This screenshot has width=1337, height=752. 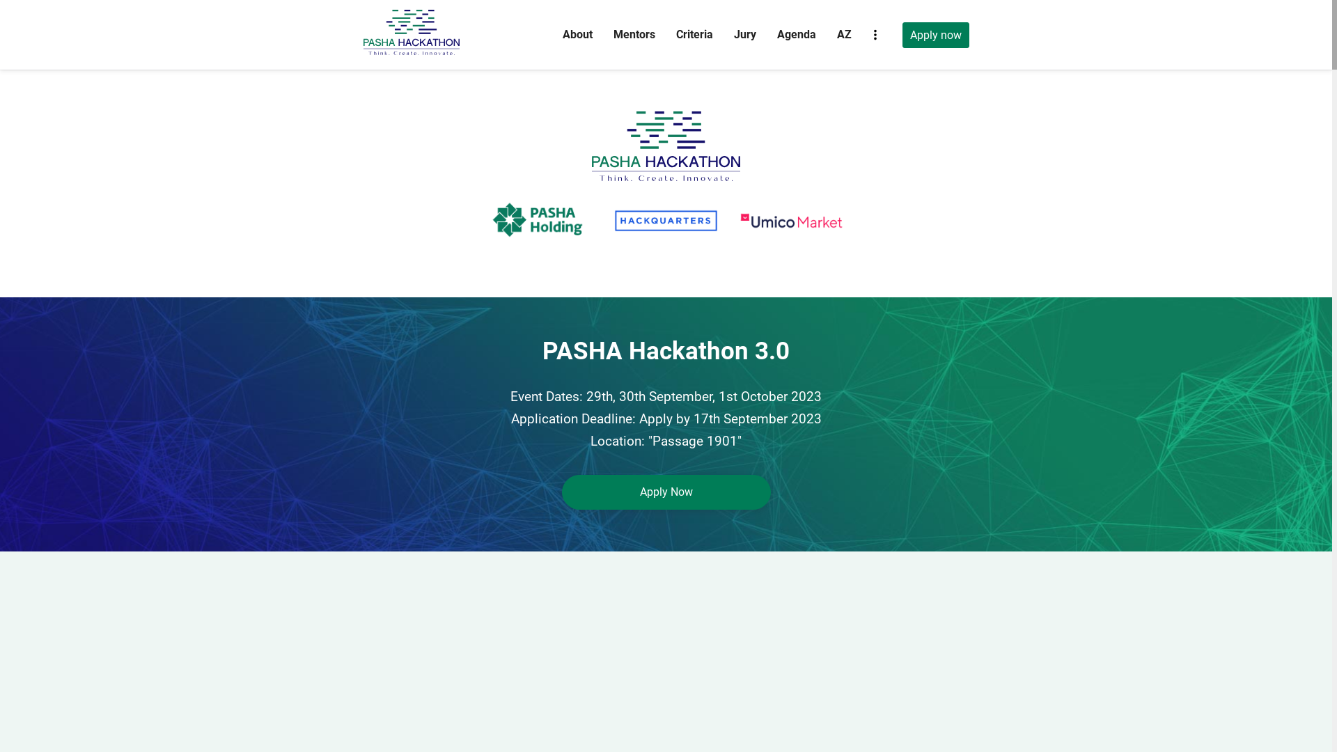 What do you see at coordinates (843, 33) in the screenshot?
I see `'AZ'` at bounding box center [843, 33].